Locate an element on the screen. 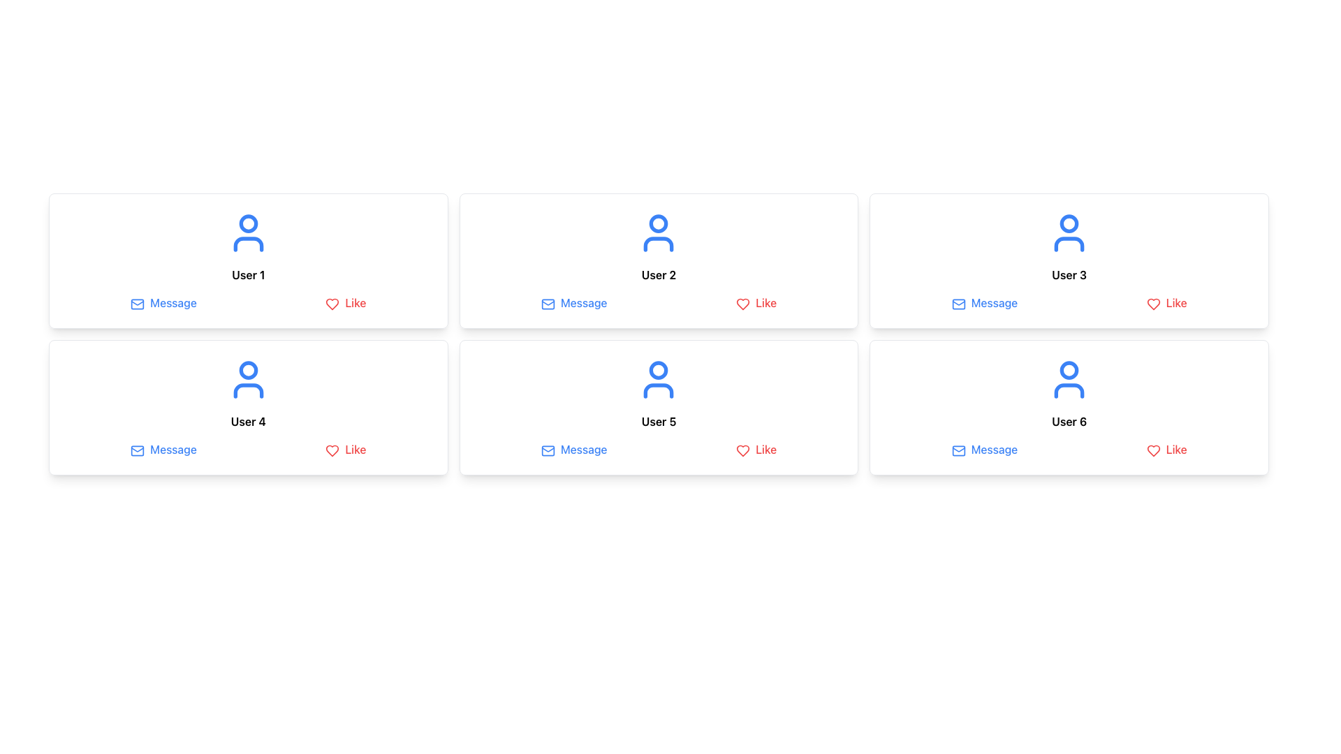 The height and width of the screenshot is (754, 1341). text label 'User 2' which is a bold font centered within the second card of a grid layout, located beneath the person icon is located at coordinates (658, 274).